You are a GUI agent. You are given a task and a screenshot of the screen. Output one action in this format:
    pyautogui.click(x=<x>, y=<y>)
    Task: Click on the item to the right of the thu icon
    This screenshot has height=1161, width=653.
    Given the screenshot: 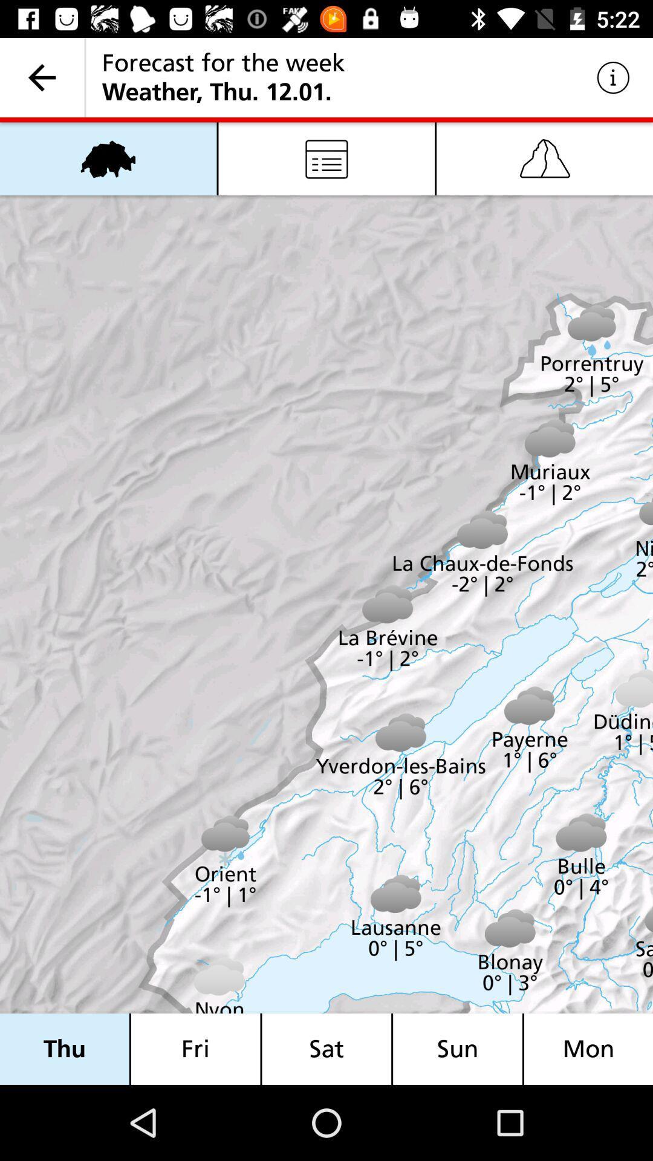 What is the action you would take?
    pyautogui.click(x=195, y=1049)
    